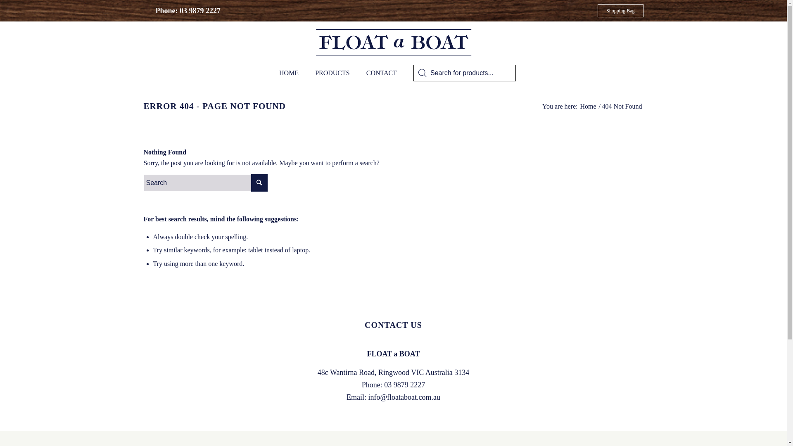  What do you see at coordinates (368, 396) in the screenshot?
I see `'info@floataboat.com.au'` at bounding box center [368, 396].